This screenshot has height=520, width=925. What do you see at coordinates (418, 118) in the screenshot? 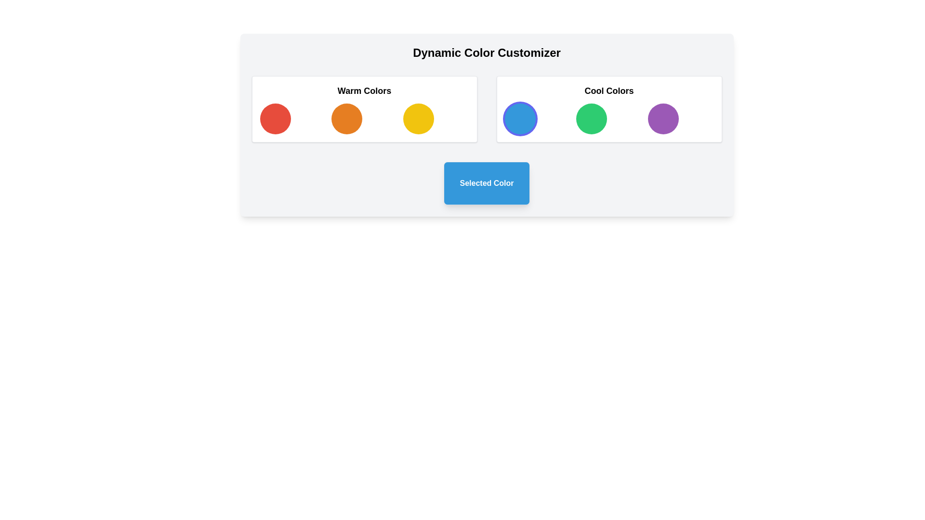
I see `the circular bright yellow button located in the bottom row of the 'Warm Colors' section, which is the third button in a three-column grid layout` at bounding box center [418, 118].